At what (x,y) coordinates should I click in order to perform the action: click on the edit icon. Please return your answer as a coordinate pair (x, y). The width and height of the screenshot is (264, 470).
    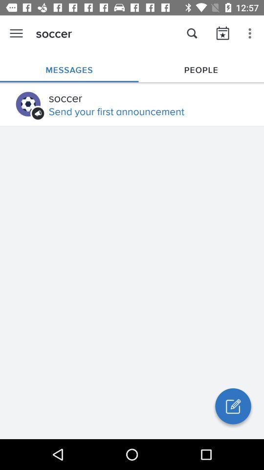
    Looking at the image, I should click on (232, 406).